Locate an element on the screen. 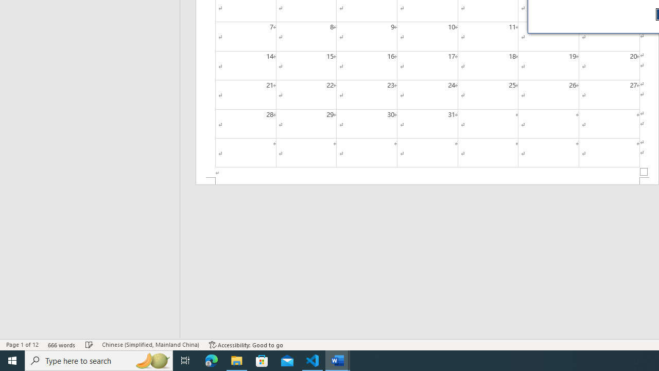 The width and height of the screenshot is (659, 371). 'Spelling and Grammar Check Checking' is located at coordinates (89, 345).